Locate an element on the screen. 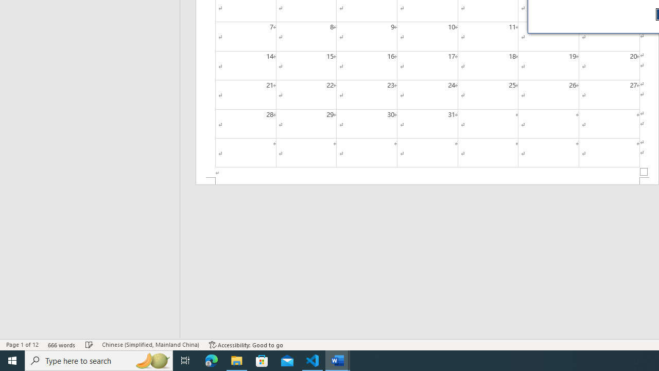 The width and height of the screenshot is (659, 371). 'Spelling and Grammar Check Checking' is located at coordinates (89, 345).